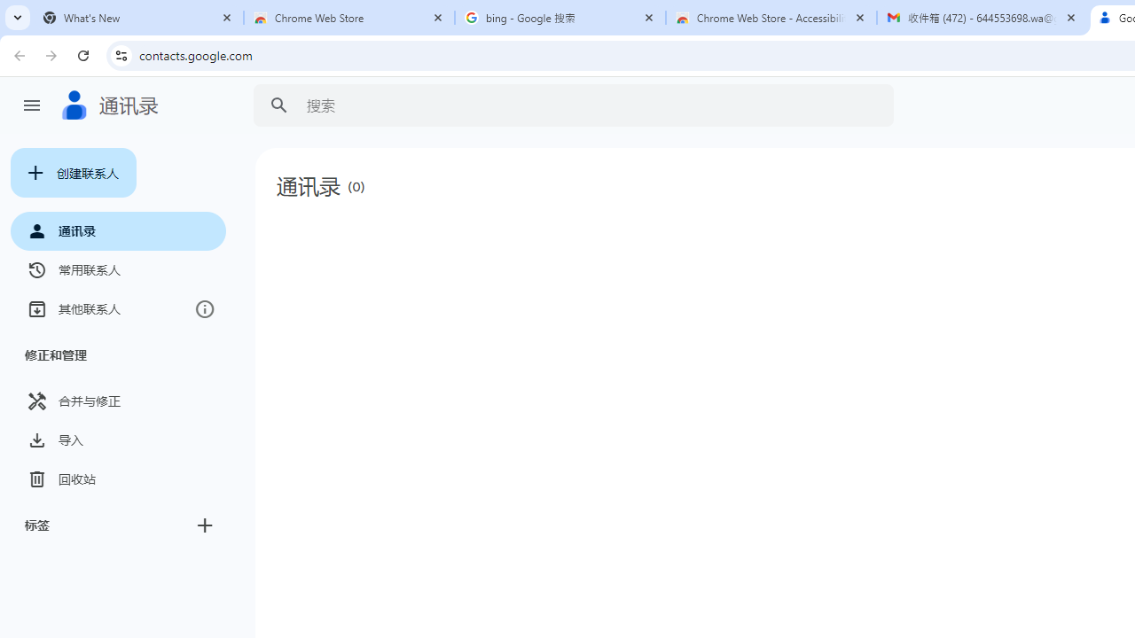  What do you see at coordinates (349, 18) in the screenshot?
I see `'Chrome Web Store'` at bounding box center [349, 18].